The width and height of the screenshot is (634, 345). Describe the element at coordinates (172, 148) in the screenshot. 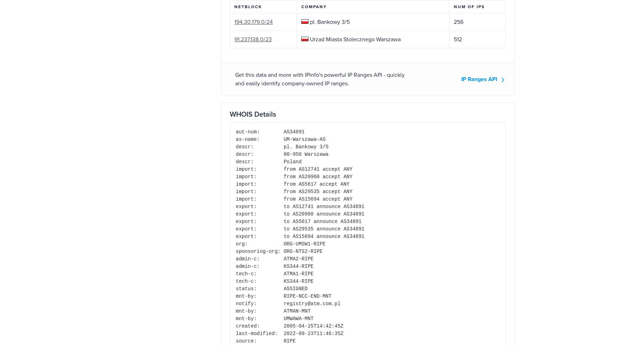

I see `'Test our data accuracy by viewing insights from your IP address.'` at that location.